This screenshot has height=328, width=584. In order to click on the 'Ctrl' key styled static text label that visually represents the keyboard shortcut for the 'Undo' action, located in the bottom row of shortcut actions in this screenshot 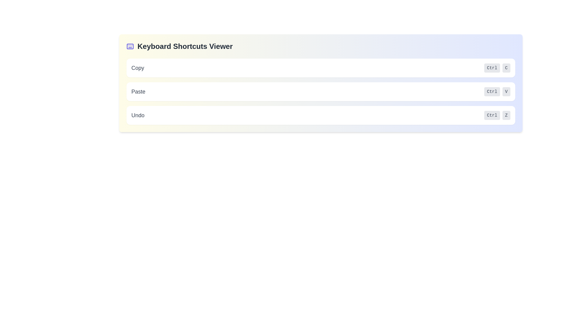, I will do `click(492, 115)`.